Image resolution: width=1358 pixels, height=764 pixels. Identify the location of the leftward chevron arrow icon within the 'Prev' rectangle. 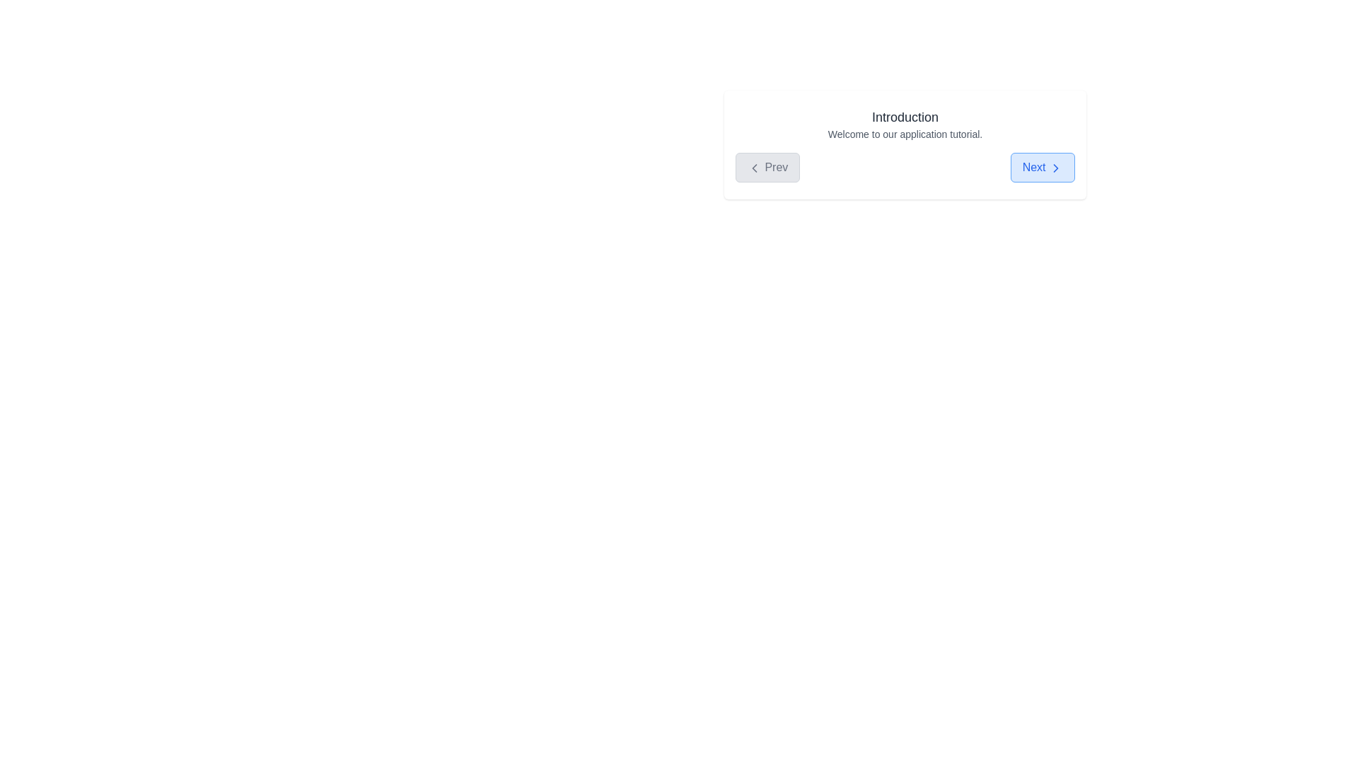
(753, 166).